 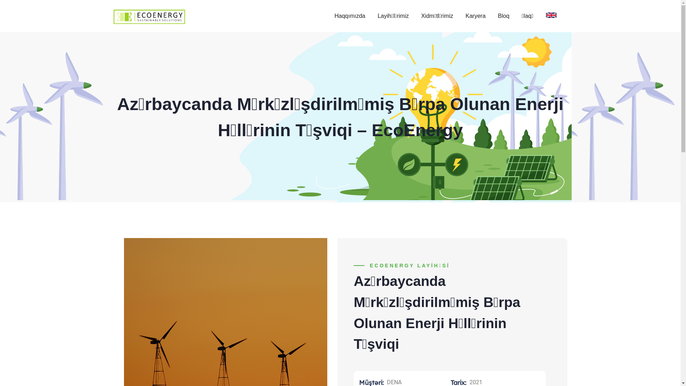 What do you see at coordinates (503, 16) in the screenshot?
I see `'Bloq'` at bounding box center [503, 16].